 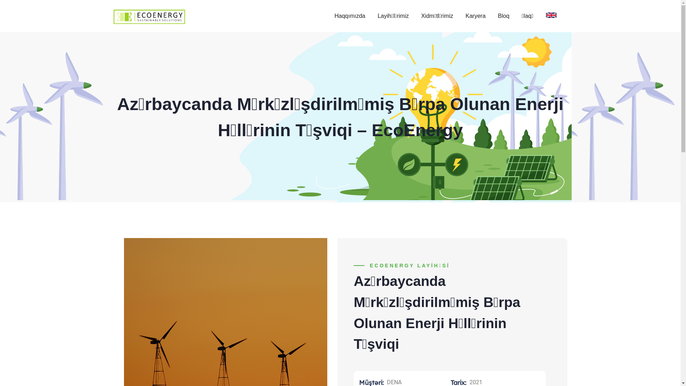 What do you see at coordinates (503, 16) in the screenshot?
I see `'Bloq'` at bounding box center [503, 16].